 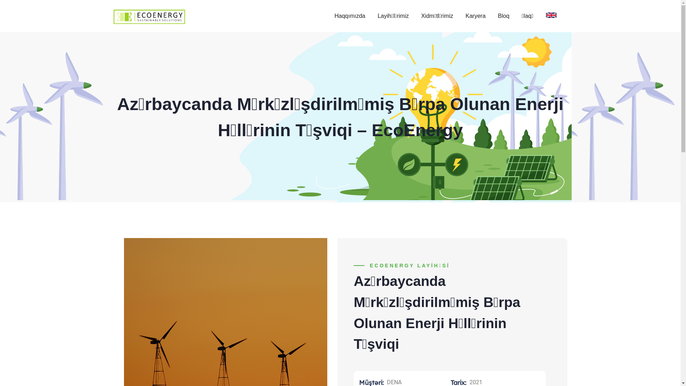 What do you see at coordinates (503, 16) in the screenshot?
I see `'Bloq'` at bounding box center [503, 16].